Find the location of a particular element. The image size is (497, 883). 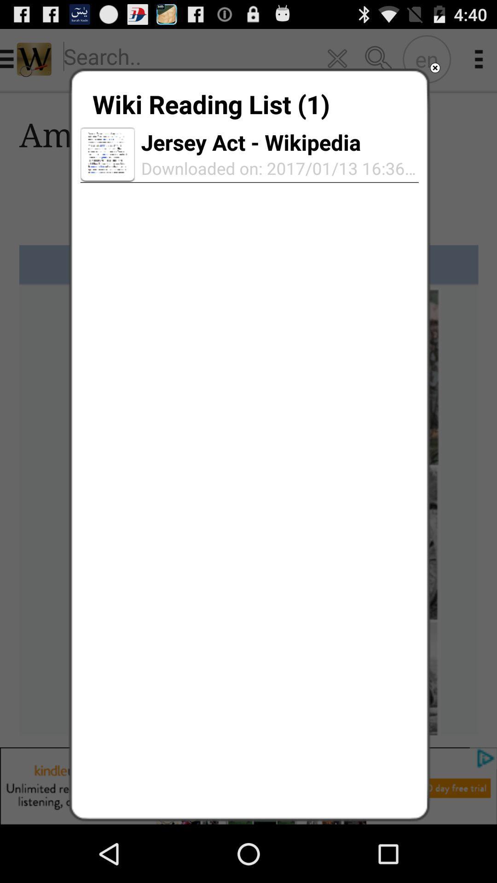

the icon below the jersey act - wikipedia app is located at coordinates (276, 168).